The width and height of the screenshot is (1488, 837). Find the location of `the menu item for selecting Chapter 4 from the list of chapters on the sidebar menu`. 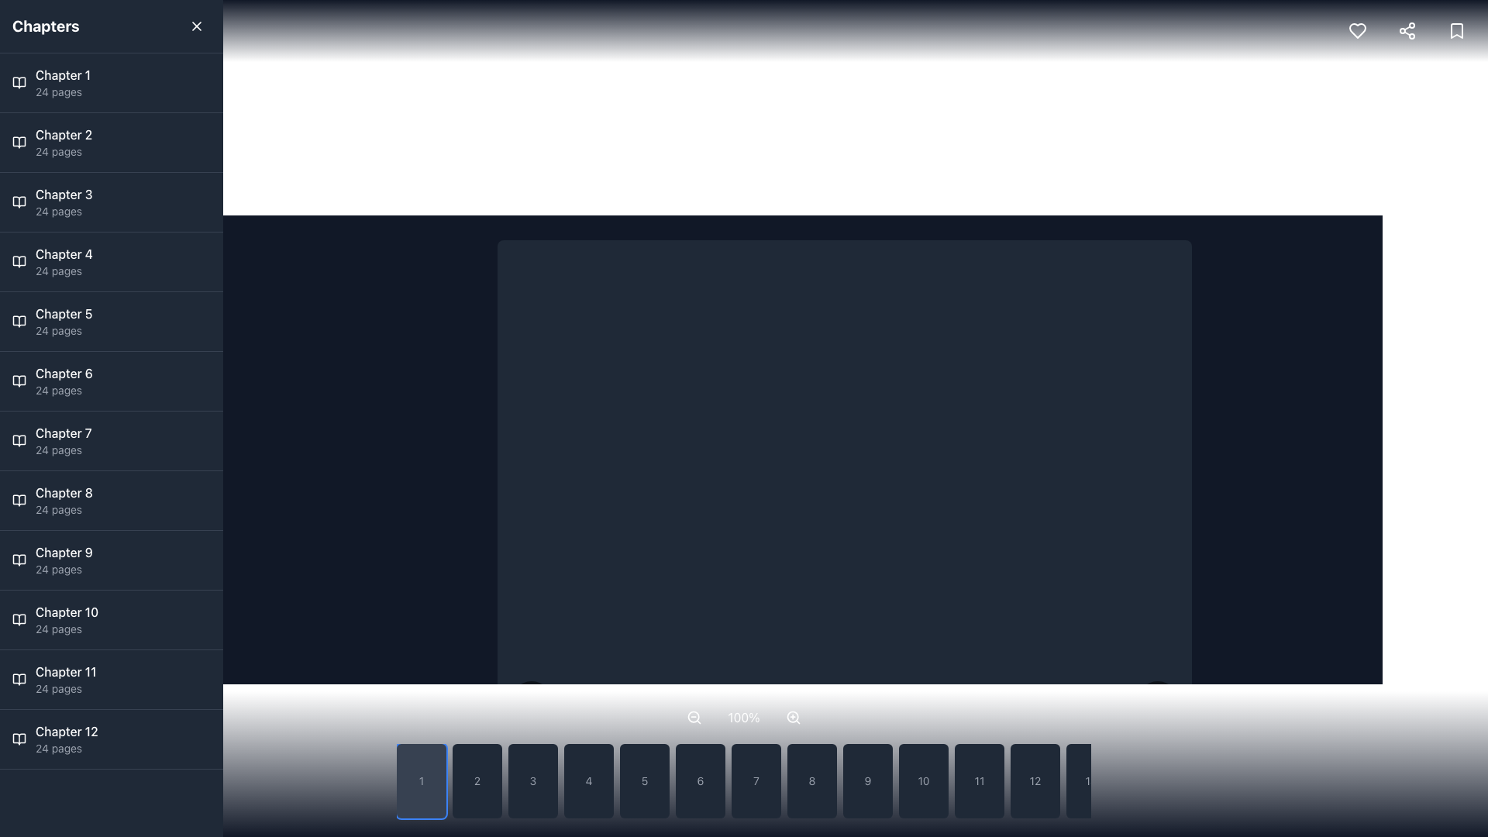

the menu item for selecting Chapter 4 from the list of chapters on the sidebar menu is located at coordinates (63, 261).